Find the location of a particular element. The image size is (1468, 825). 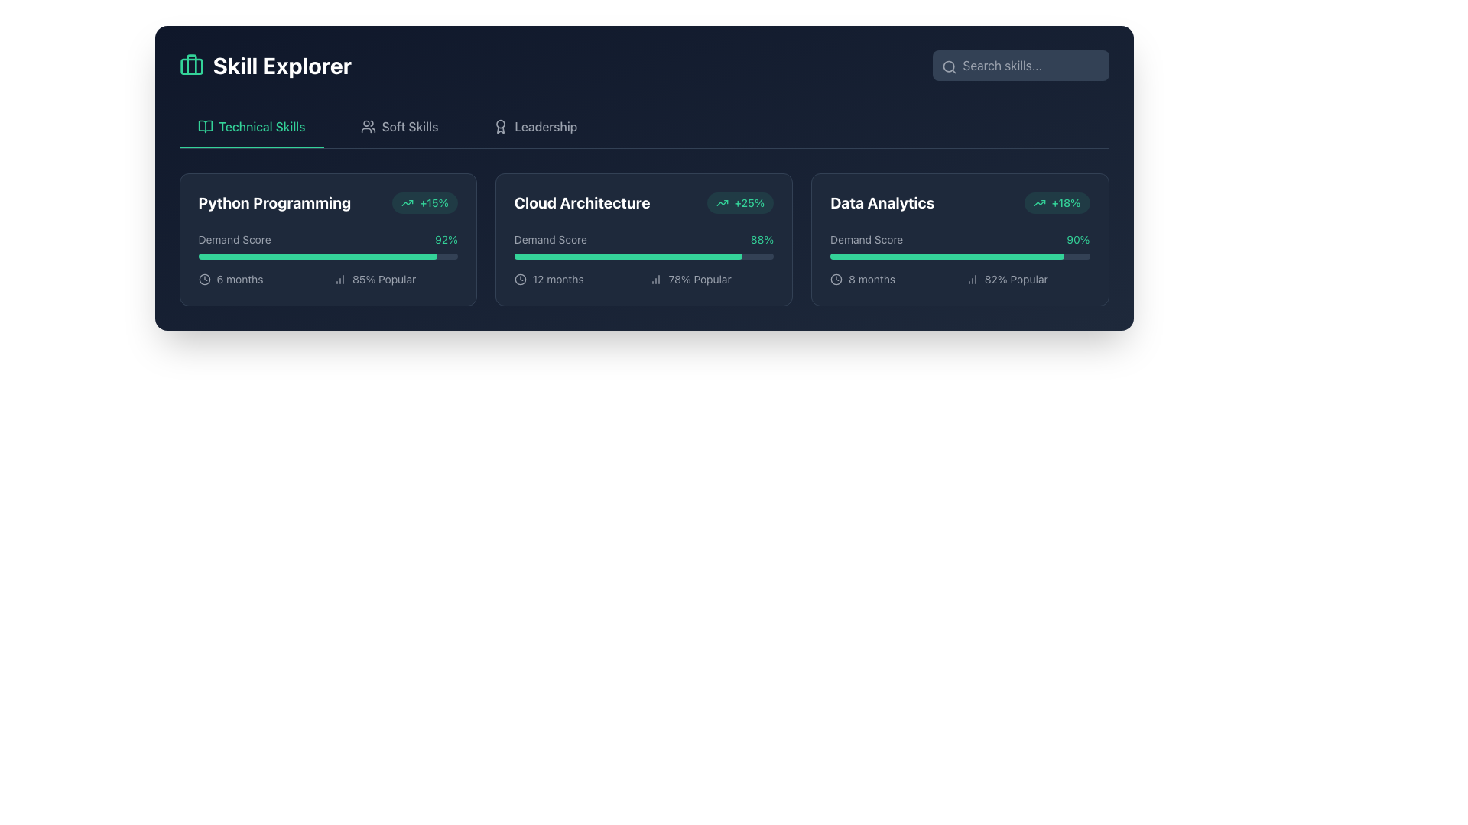

the Leadership skills button located in the top navigation bar, which is the third item from the left, to change its color is located at coordinates (535, 125).